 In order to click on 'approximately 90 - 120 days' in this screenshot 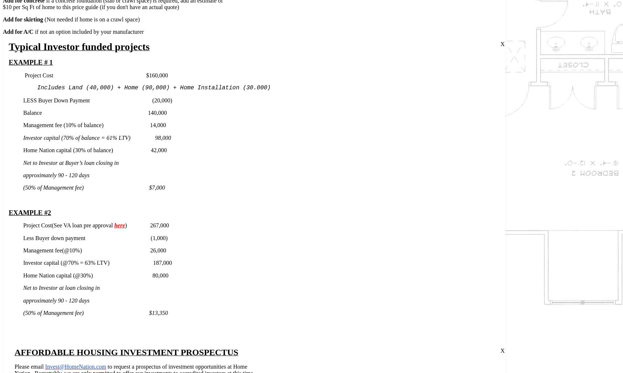, I will do `click(56, 300)`.